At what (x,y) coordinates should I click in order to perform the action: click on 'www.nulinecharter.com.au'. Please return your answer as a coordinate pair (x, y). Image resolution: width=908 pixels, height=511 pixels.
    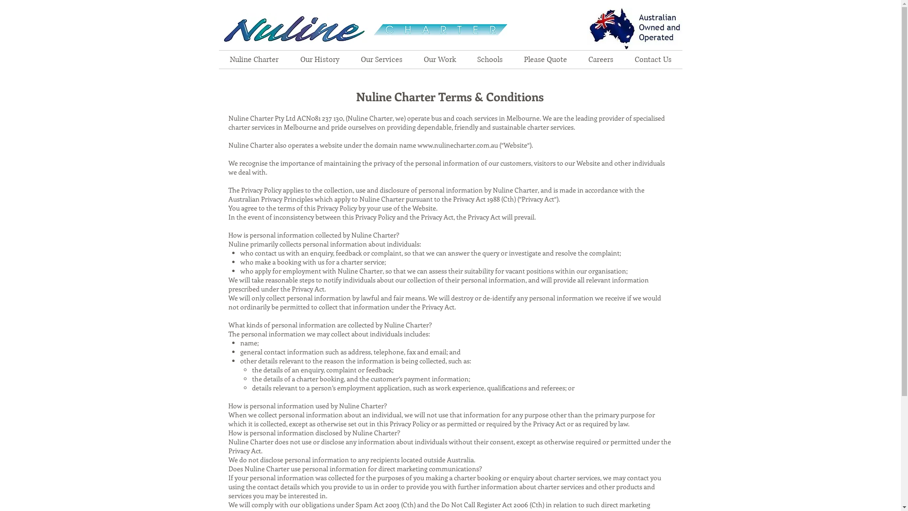
    Looking at the image, I should click on (457, 145).